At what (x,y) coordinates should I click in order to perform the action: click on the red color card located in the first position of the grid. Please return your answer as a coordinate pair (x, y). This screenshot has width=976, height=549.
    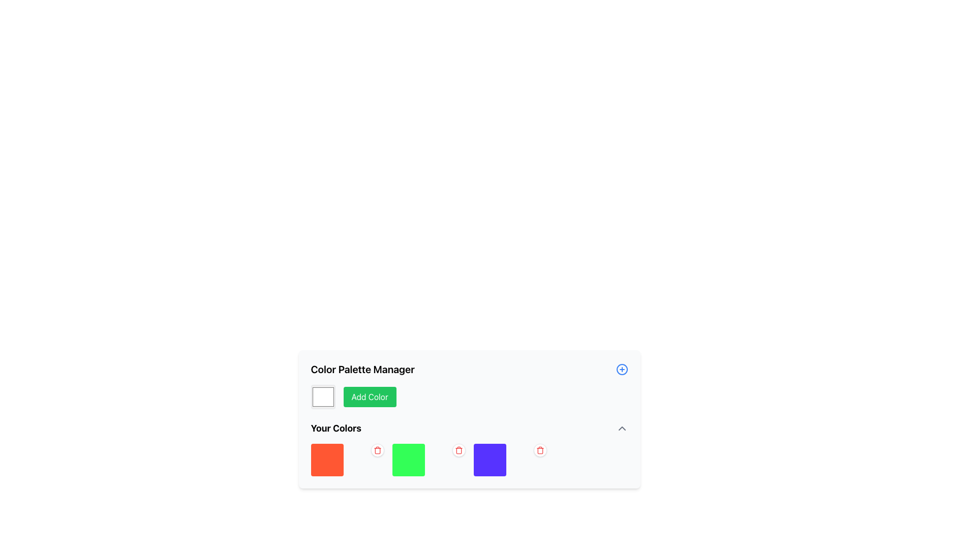
    Looking at the image, I should click on (347, 460).